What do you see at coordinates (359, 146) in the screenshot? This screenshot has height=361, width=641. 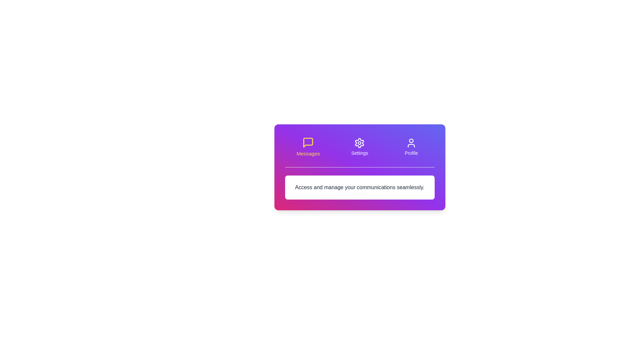 I see `the tab button labeled Settings to switch to the corresponding tab` at bounding box center [359, 146].